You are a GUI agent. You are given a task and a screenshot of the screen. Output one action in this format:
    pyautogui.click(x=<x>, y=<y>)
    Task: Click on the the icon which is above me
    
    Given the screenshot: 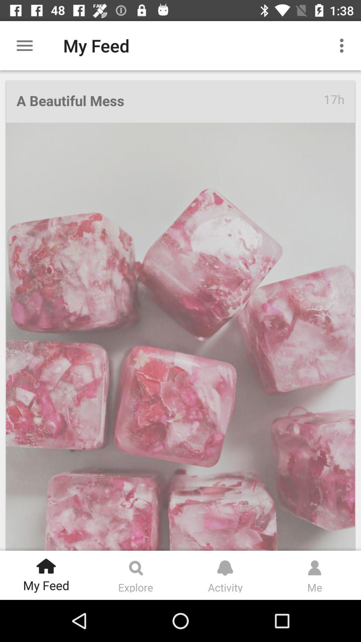 What is the action you would take?
    pyautogui.click(x=315, y=564)
    